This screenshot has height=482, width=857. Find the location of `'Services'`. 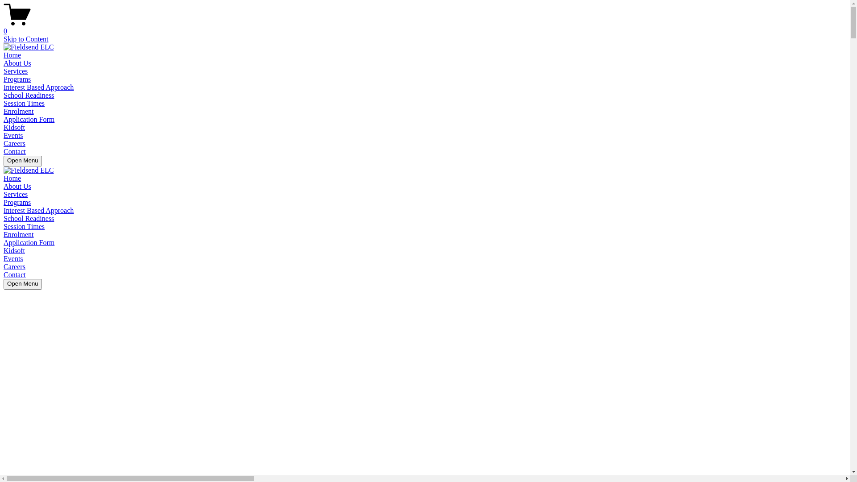

'Services' is located at coordinates (15, 194).